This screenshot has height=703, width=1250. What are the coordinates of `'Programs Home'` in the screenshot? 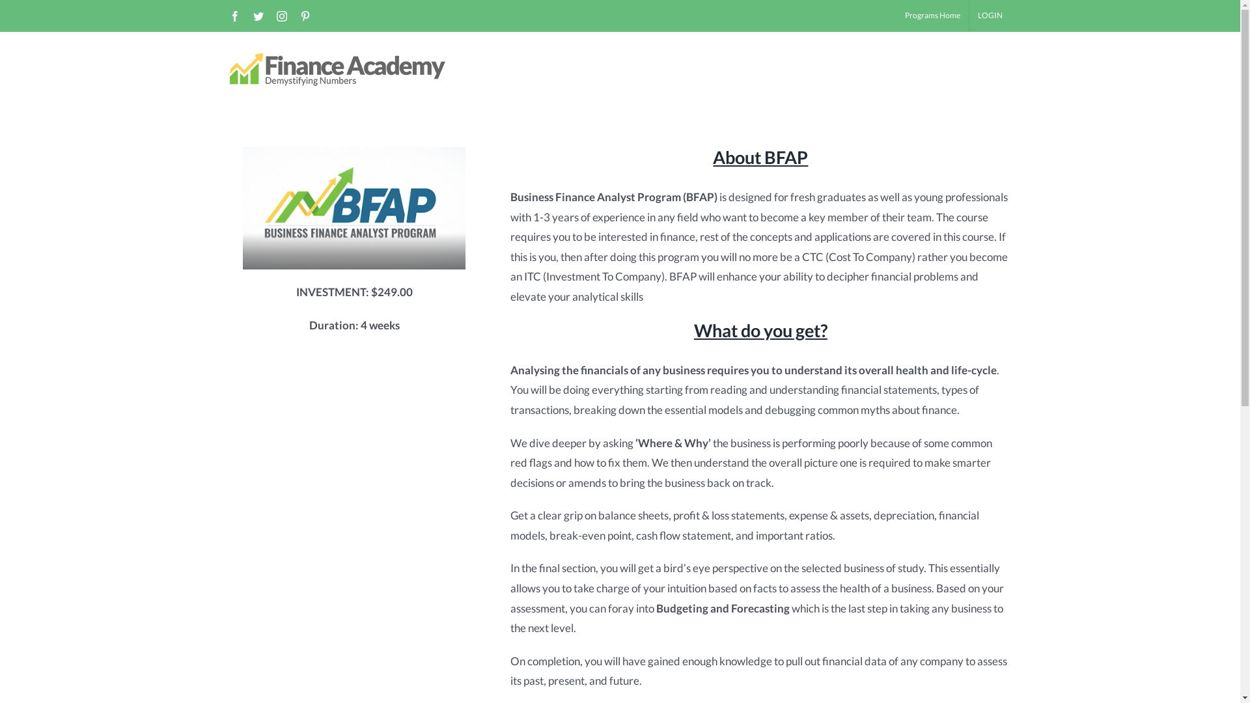 It's located at (931, 15).